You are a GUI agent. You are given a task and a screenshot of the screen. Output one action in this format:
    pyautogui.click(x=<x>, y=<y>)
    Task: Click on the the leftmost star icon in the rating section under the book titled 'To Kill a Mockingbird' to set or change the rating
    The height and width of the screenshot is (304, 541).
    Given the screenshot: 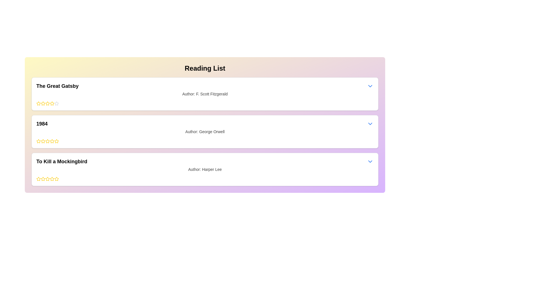 What is the action you would take?
    pyautogui.click(x=43, y=179)
    